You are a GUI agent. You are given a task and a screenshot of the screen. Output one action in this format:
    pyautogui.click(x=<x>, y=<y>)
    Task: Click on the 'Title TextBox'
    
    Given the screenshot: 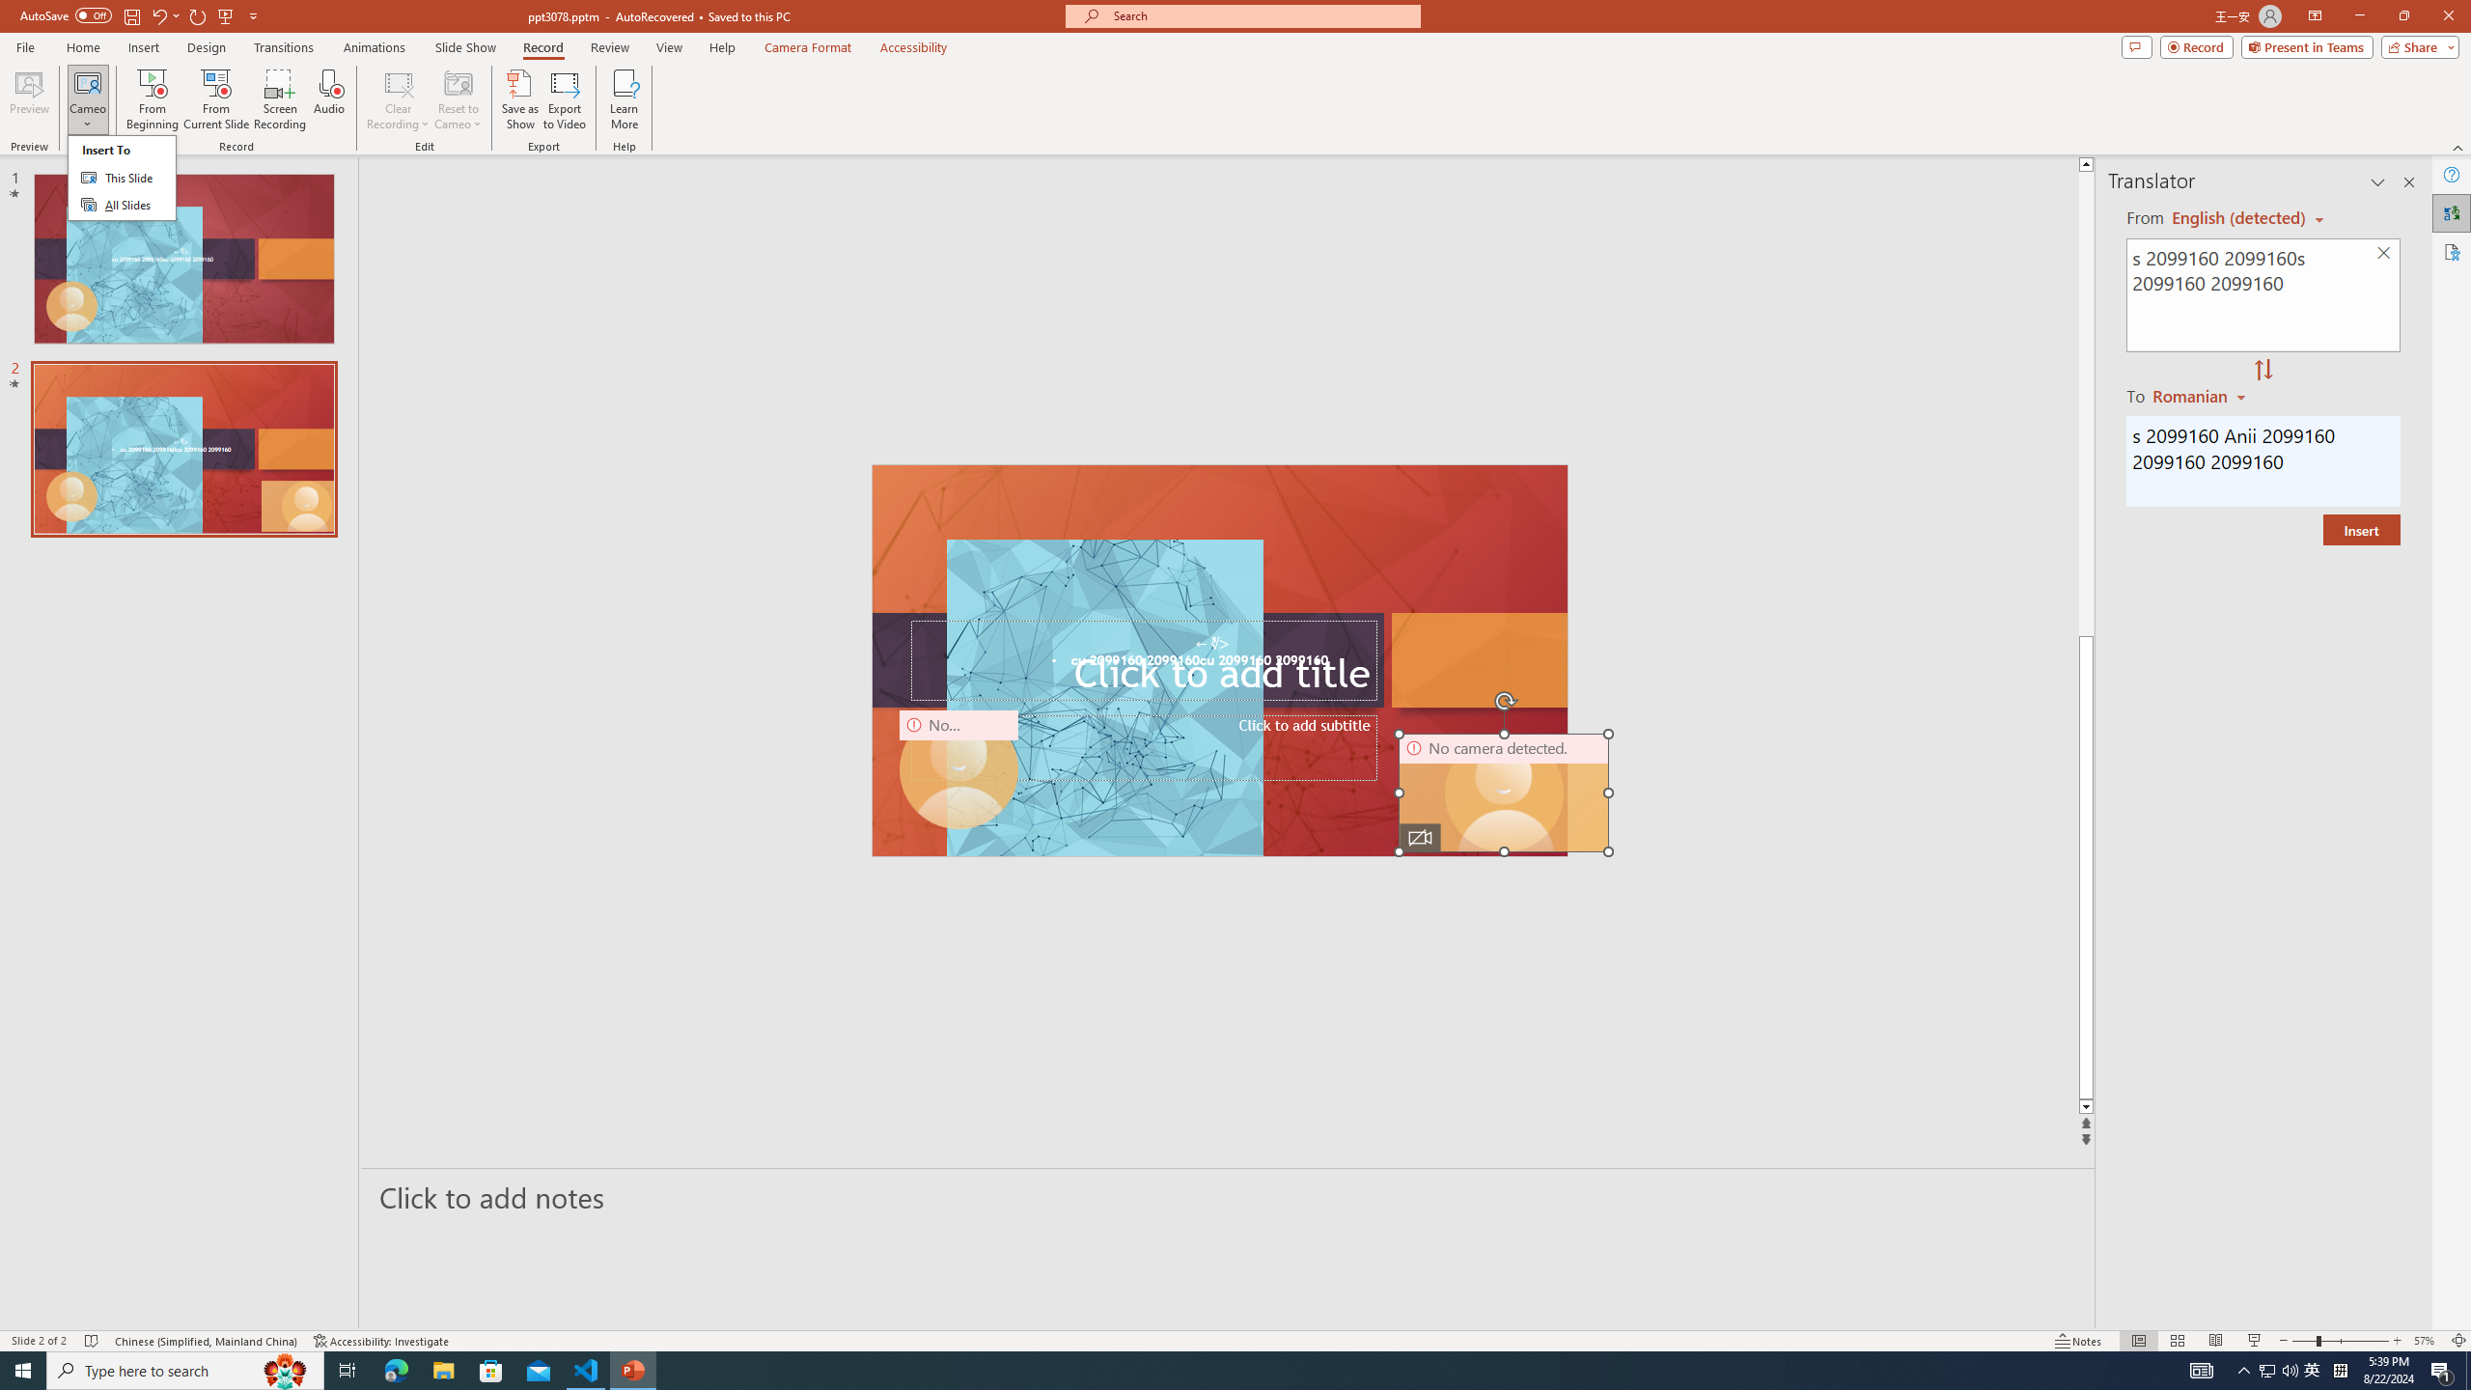 What is the action you would take?
    pyautogui.click(x=1144, y=659)
    